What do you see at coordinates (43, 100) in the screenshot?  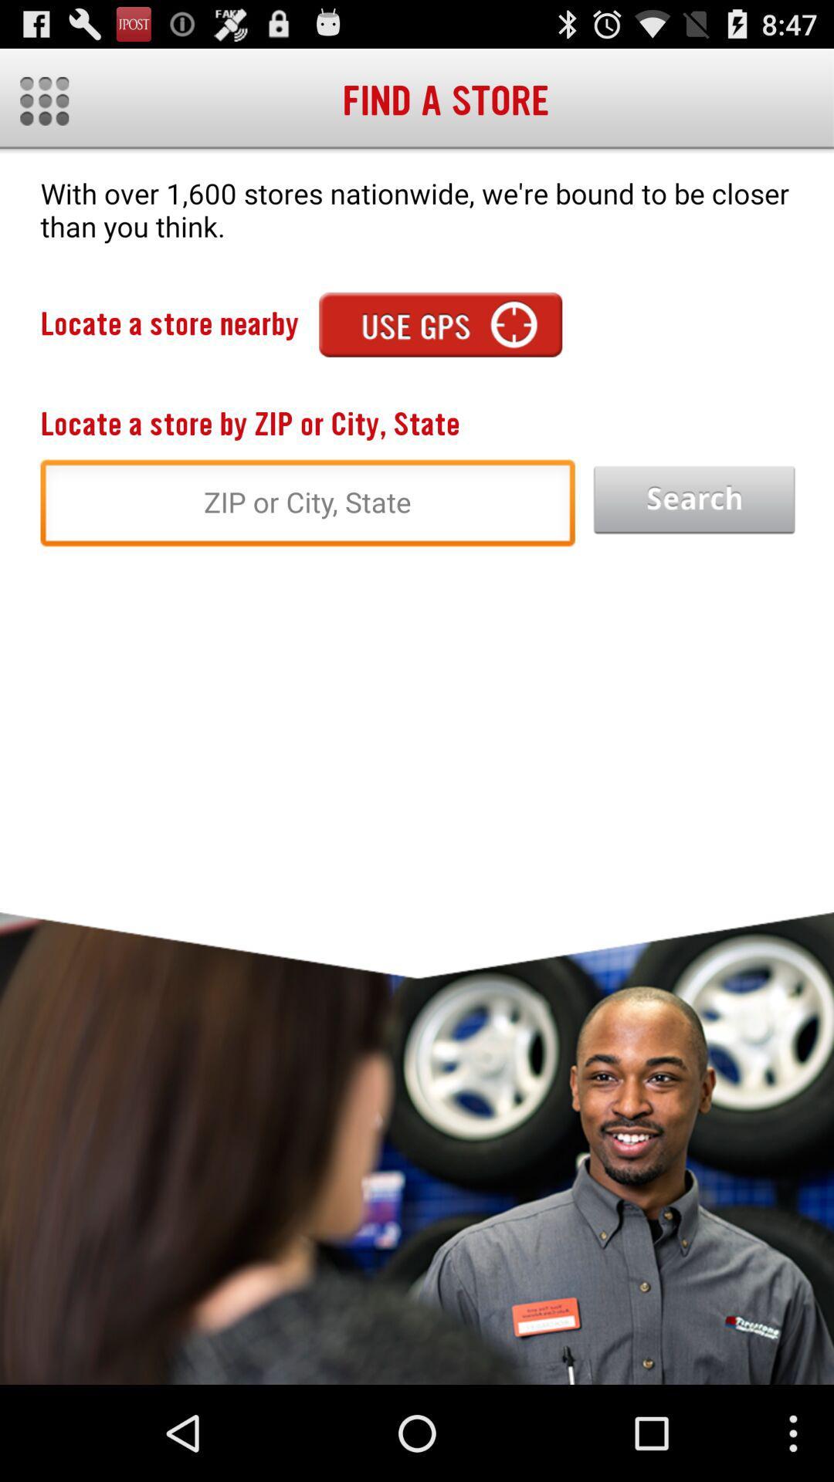 I see `the app to the left of the find a store item` at bounding box center [43, 100].